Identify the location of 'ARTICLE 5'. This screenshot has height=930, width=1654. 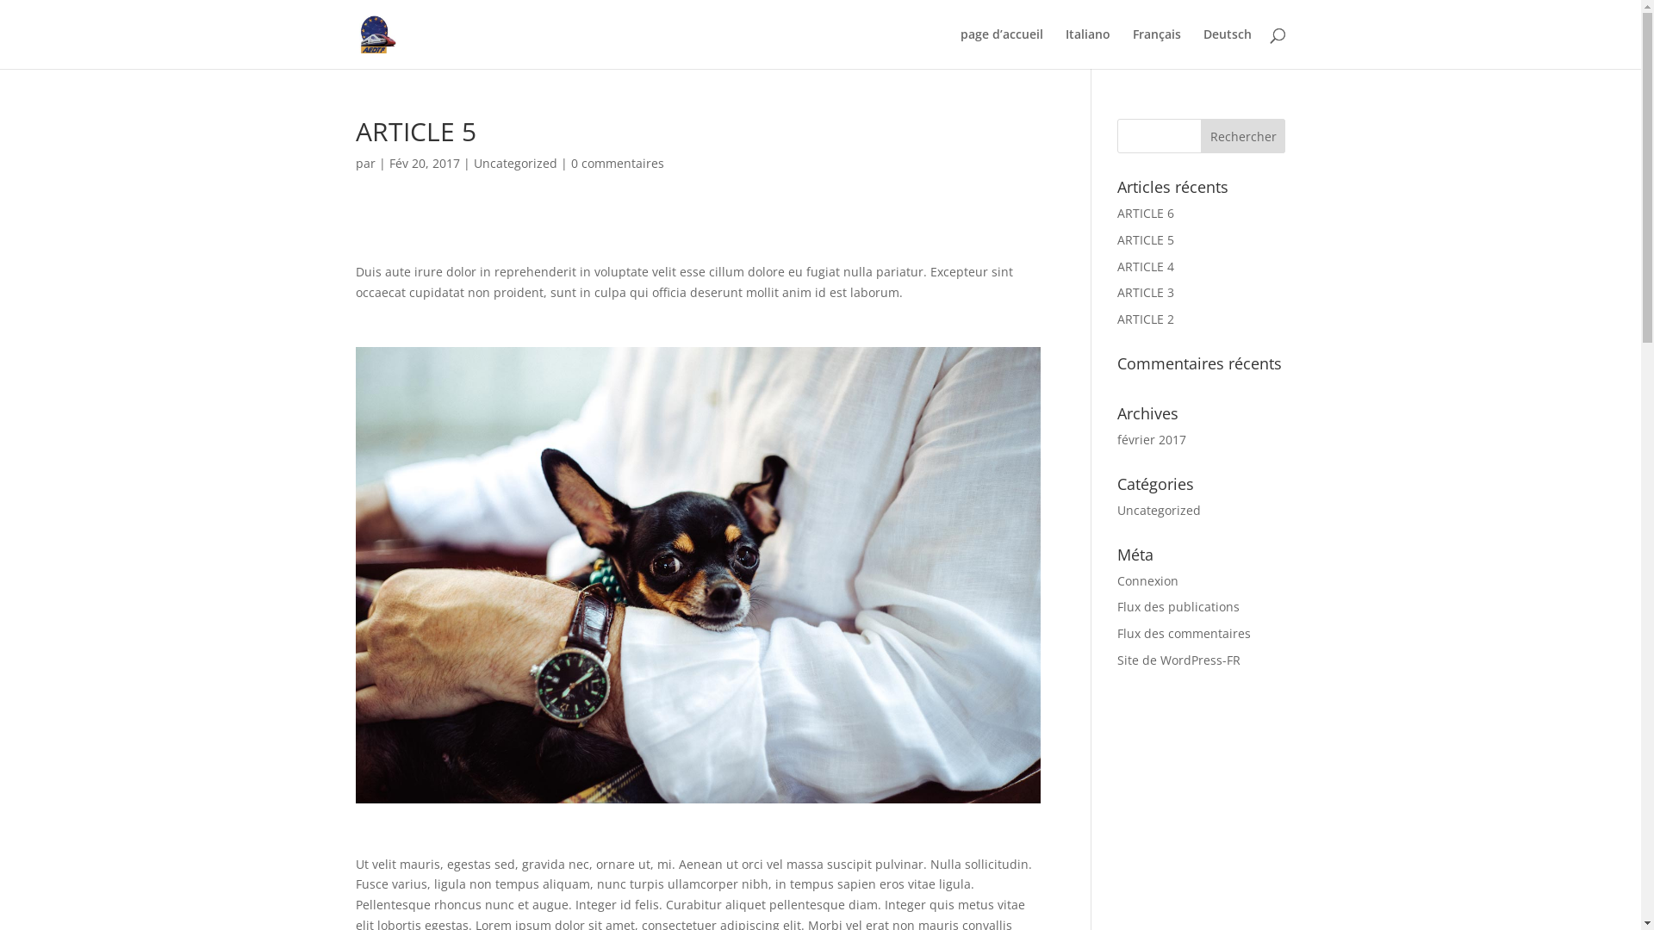
(1145, 239).